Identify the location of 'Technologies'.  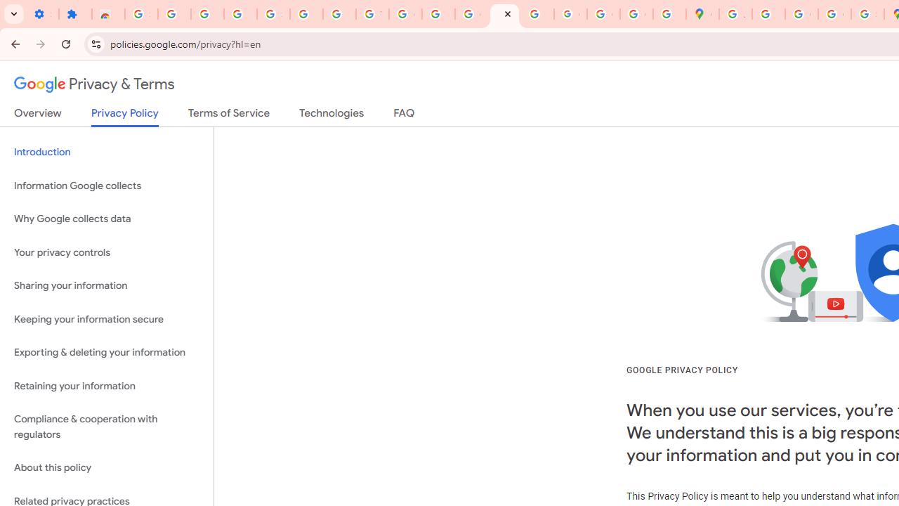
(331, 115).